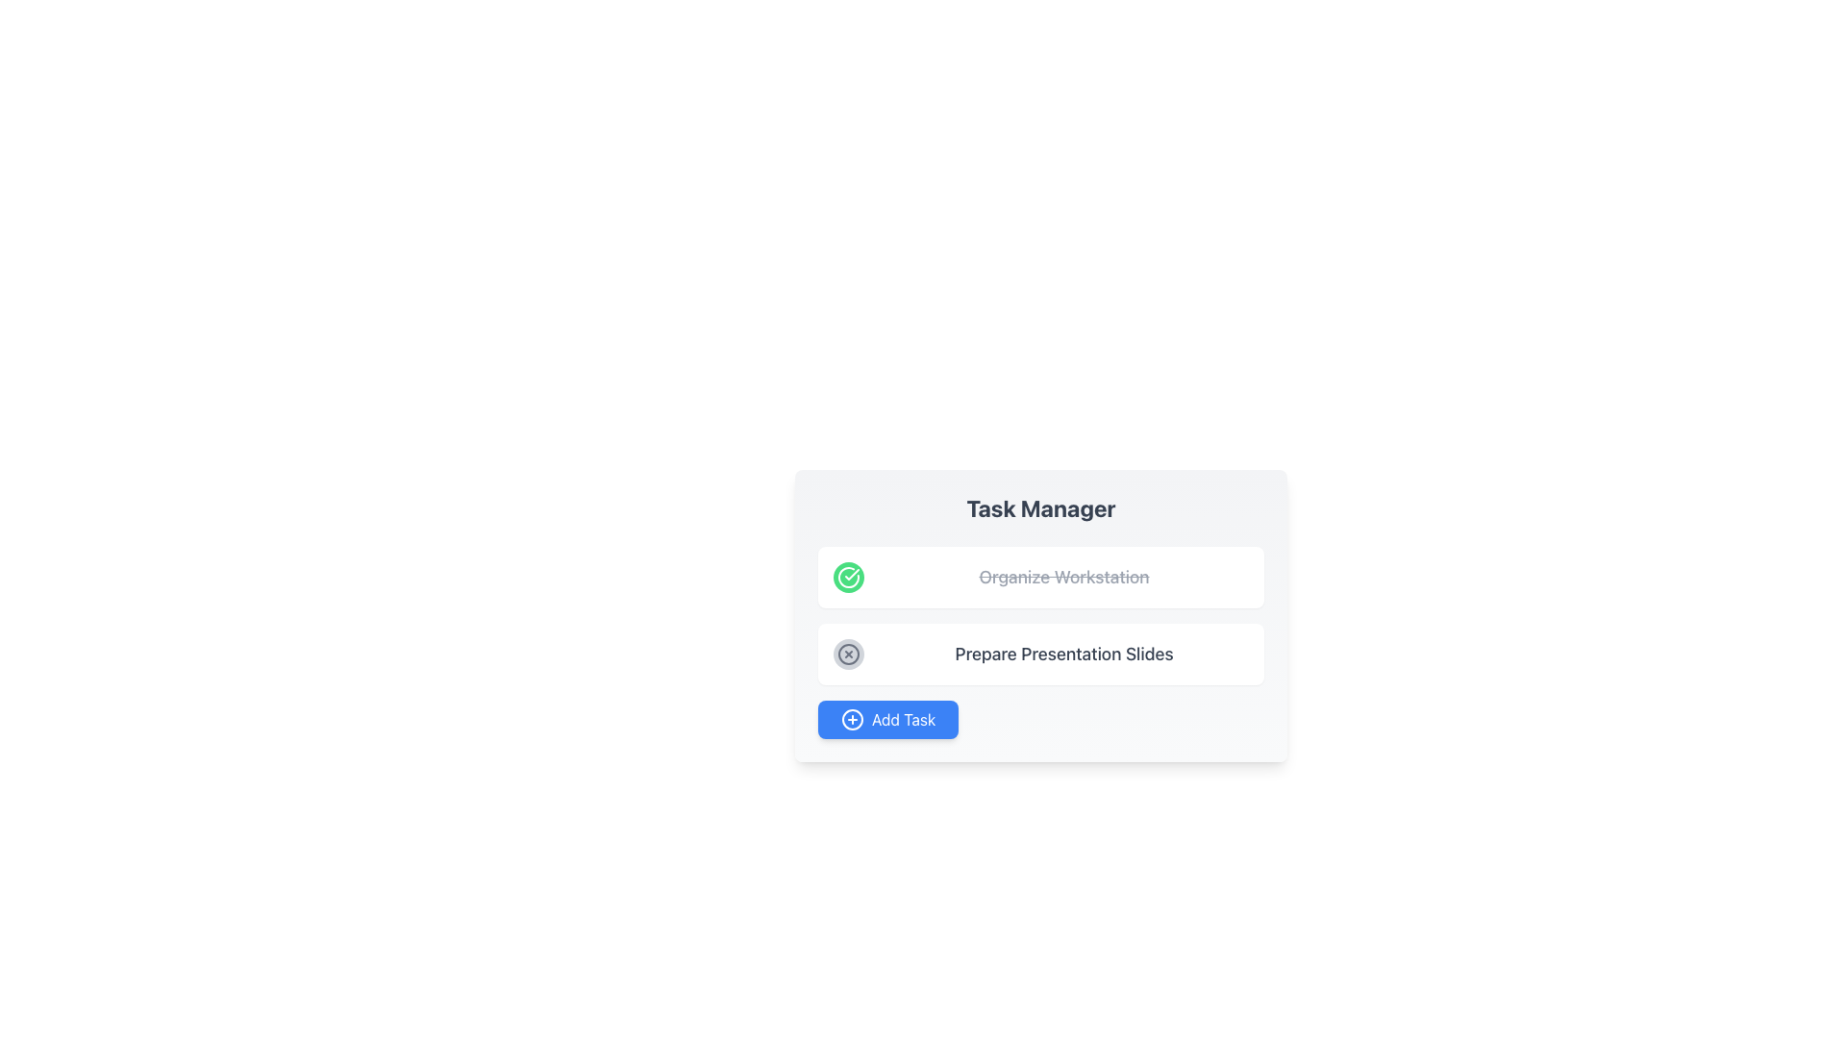  I want to click on the first task item card in the Task Manager, so click(1040, 577).